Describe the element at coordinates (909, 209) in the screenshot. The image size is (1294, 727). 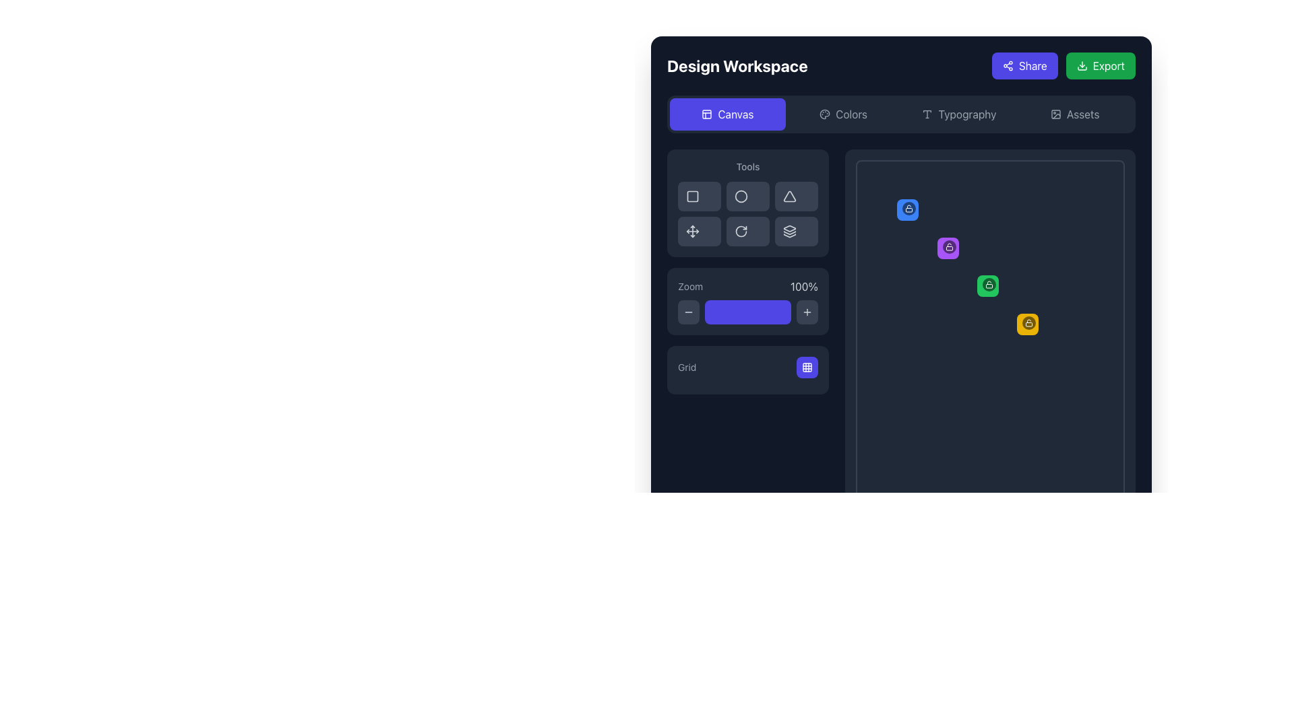
I see `the lock/unlock icon at the top-right corner of the interface` at that location.